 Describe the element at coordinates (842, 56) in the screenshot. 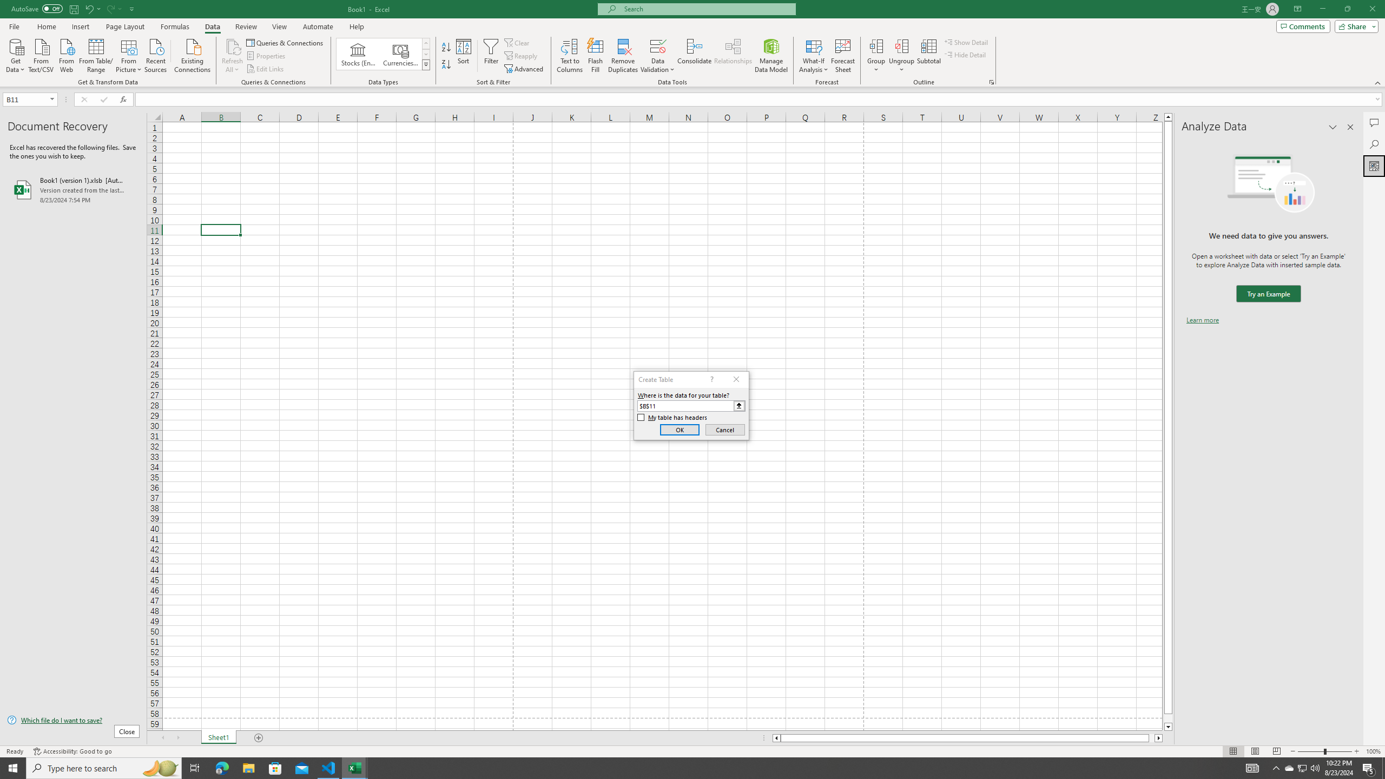

I see `'Forecast Sheet'` at that location.